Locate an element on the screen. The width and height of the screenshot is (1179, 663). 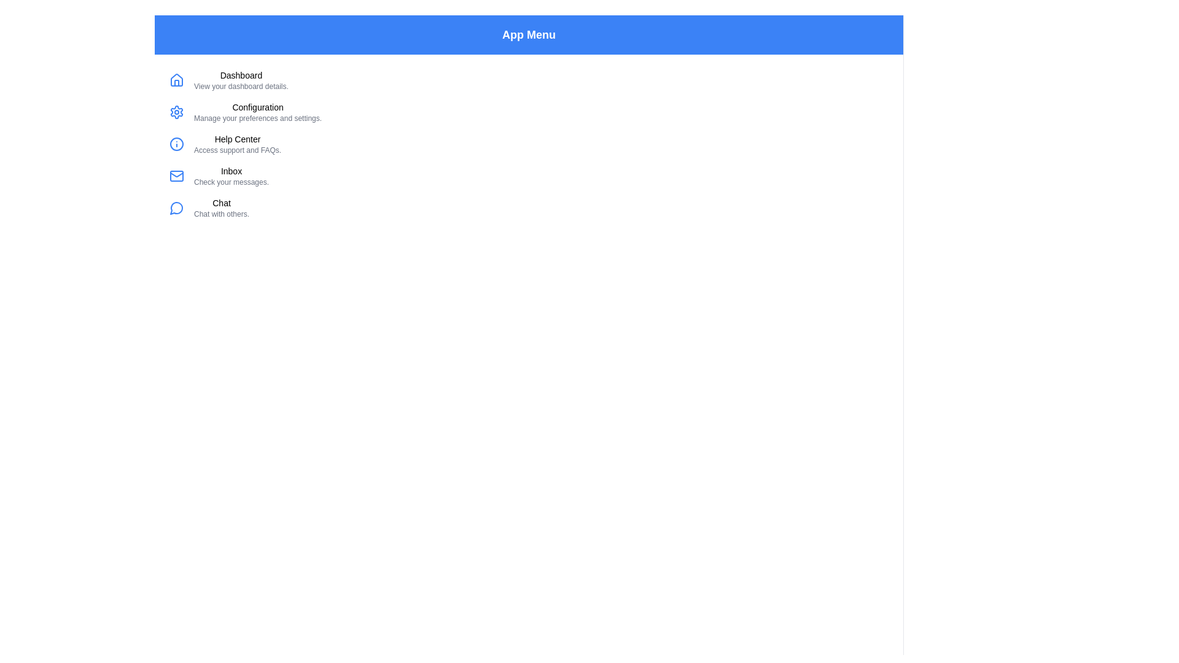
the text element reading 'View your dashboard details.' which is styled with a smaller font size and gray color, located directly beneath the 'Dashboard' title in the vertical navigation menu is located at coordinates (241, 86).